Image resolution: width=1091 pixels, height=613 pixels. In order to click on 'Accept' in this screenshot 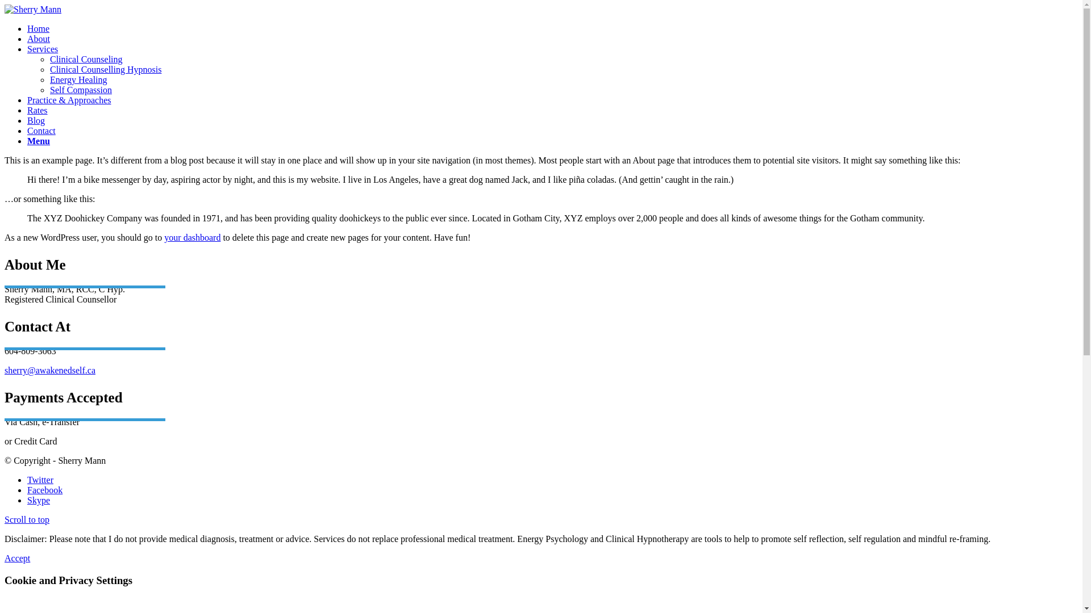, I will do `click(17, 557)`.